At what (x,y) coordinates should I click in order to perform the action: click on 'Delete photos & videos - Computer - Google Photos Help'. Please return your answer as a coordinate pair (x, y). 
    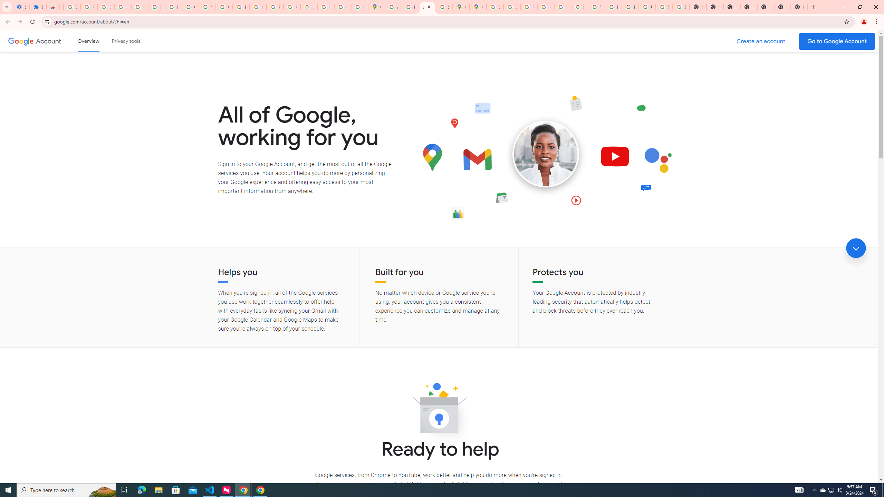
    Looking at the image, I should click on (106, 7).